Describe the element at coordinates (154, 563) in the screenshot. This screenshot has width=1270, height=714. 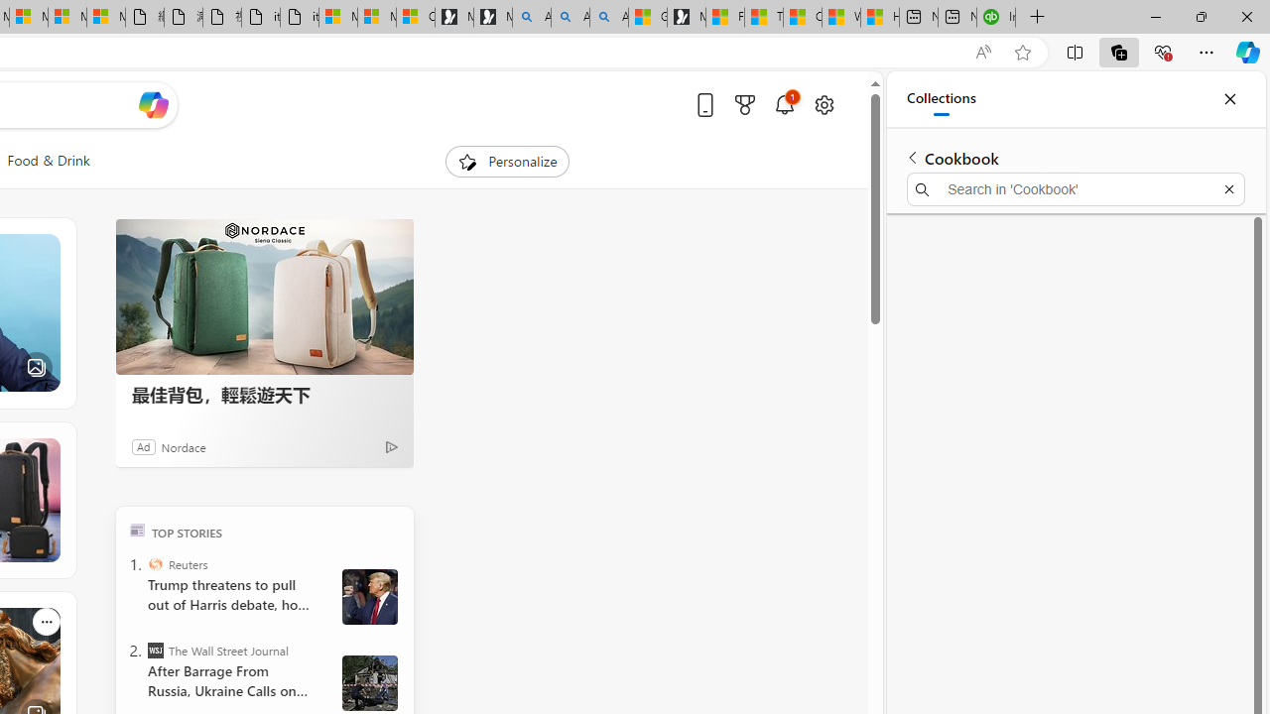
I see `'Reuters'` at that location.